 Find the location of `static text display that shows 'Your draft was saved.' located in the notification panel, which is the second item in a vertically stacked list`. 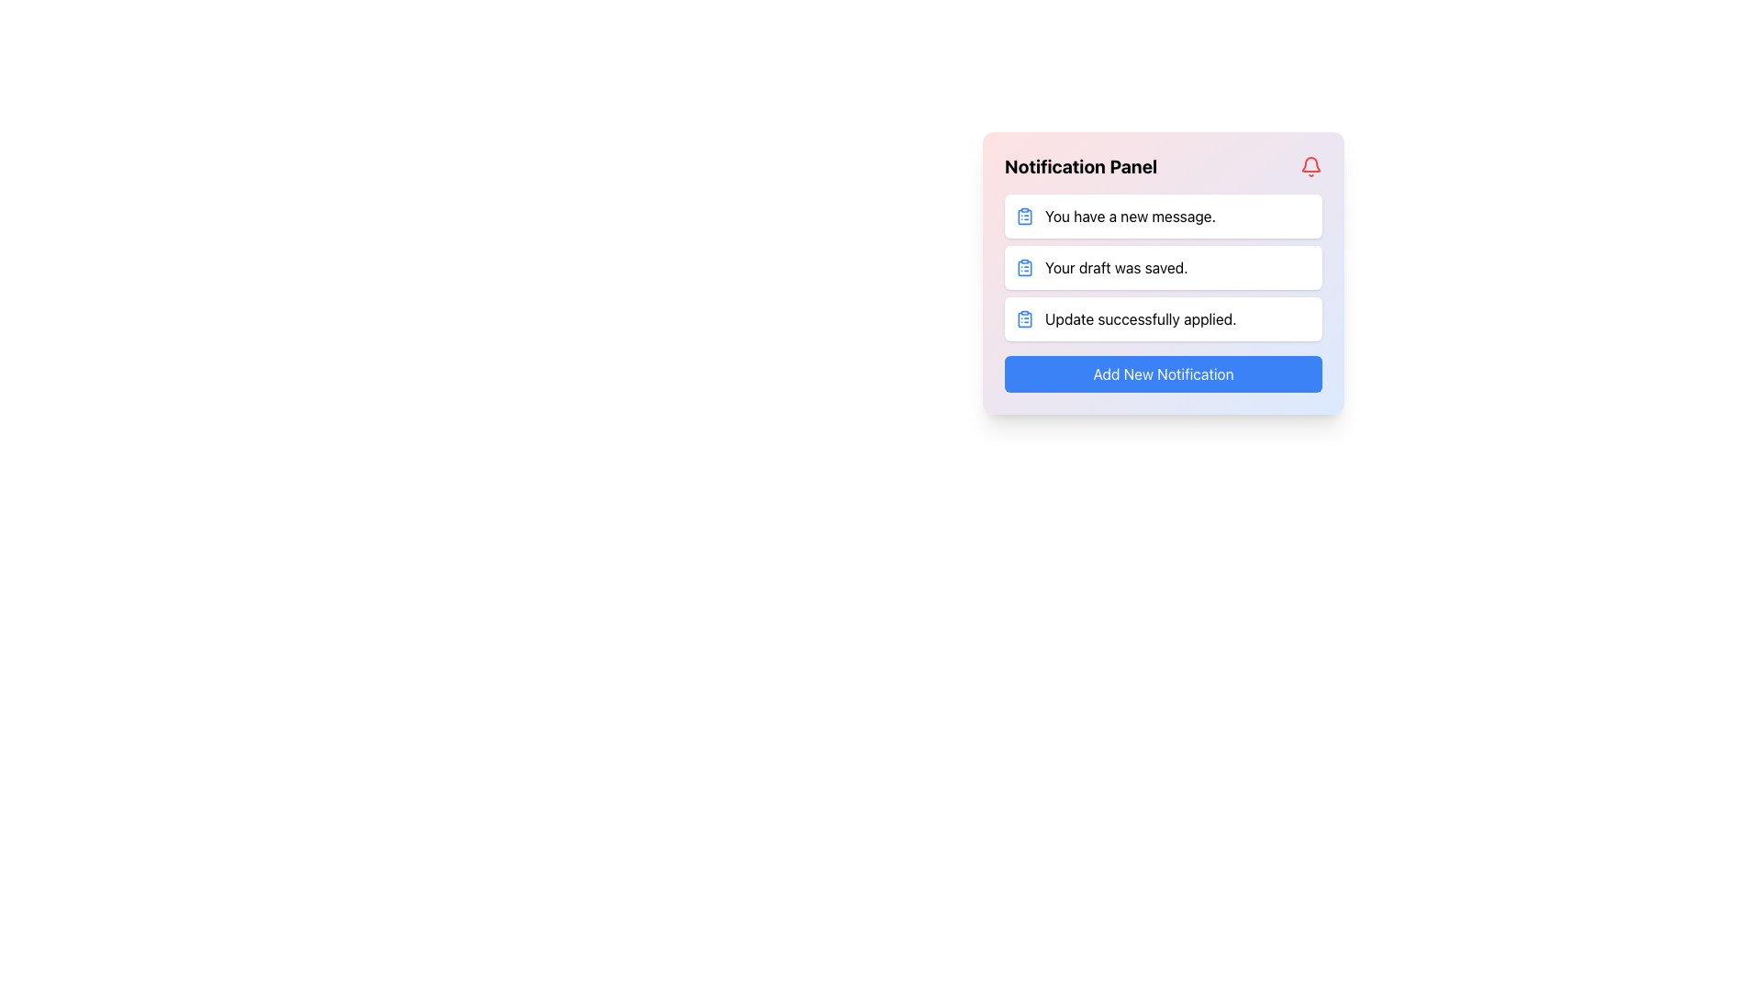

static text display that shows 'Your draft was saved.' located in the notification panel, which is the second item in a vertically stacked list is located at coordinates (1115, 268).